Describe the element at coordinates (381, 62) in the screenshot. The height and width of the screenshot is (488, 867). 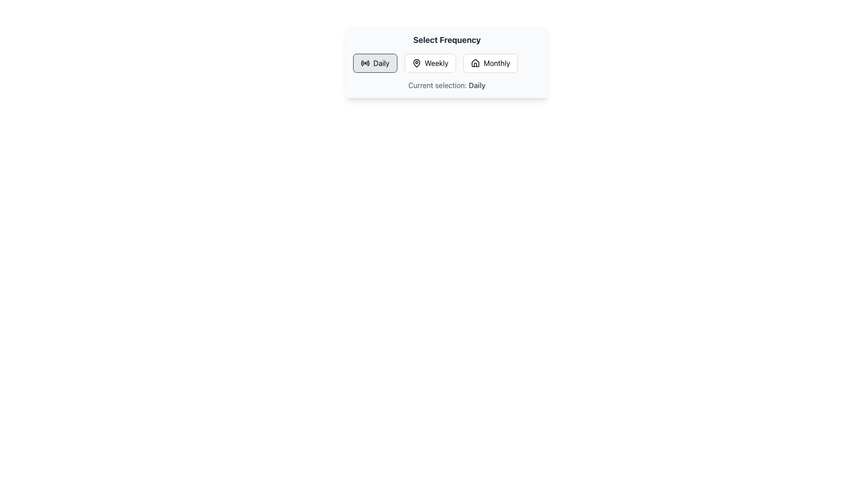
I see `the 'Daily' text label within the leftmost button in the 'Select Frequency' interface to choose the 'Daily' option` at that location.